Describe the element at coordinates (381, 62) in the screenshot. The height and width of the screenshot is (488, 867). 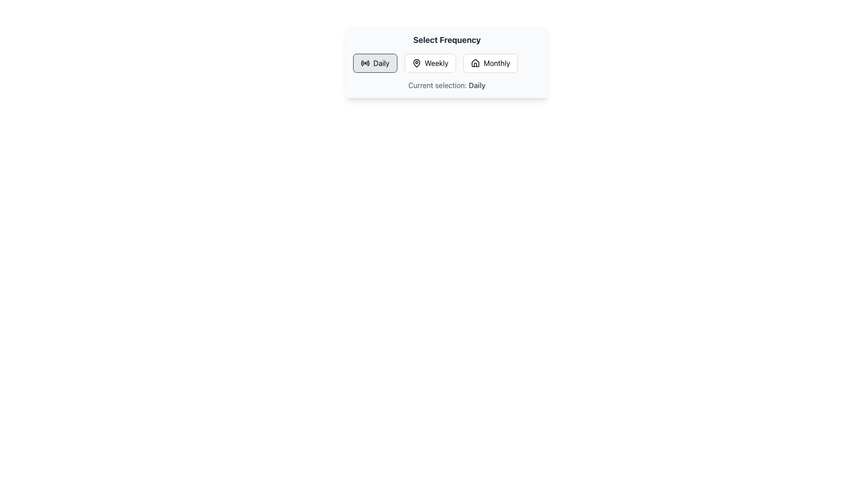
I see `the 'Daily' text label within the leftmost button in the 'Select Frequency' interface to choose the 'Daily' option` at that location.